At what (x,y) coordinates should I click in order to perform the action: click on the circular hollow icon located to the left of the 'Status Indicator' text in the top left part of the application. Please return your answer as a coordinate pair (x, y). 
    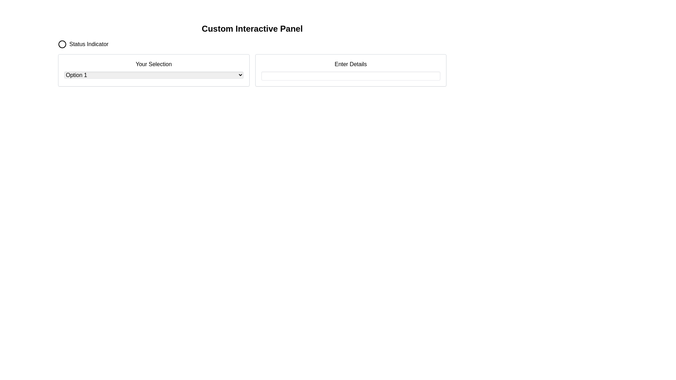
    Looking at the image, I should click on (62, 44).